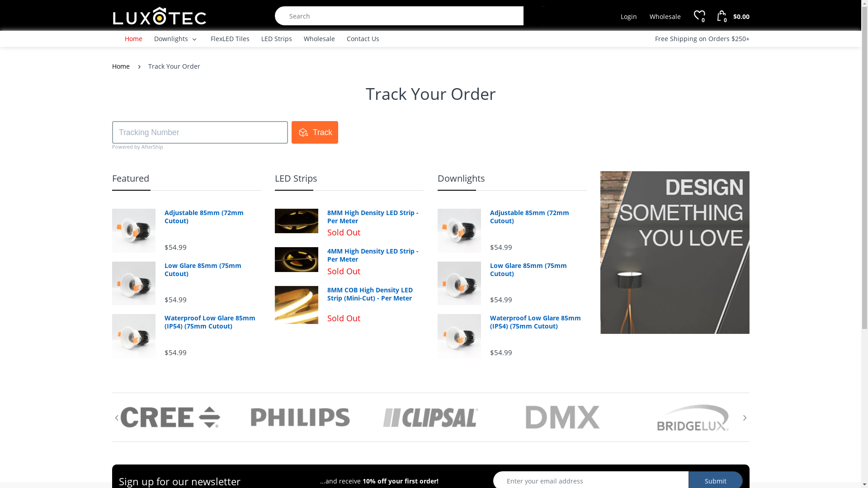 The width and height of the screenshot is (868, 488). I want to click on 'FlexLED Tiles', so click(230, 38).